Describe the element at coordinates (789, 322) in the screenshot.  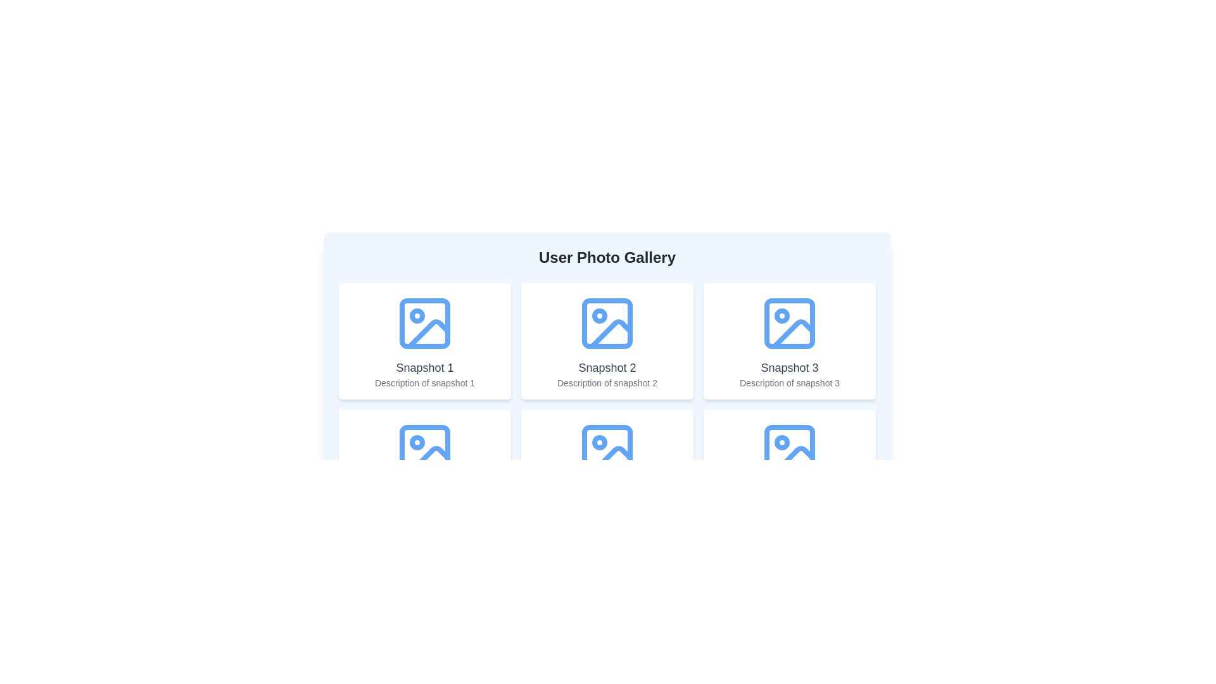
I see `the icon resembling an image or photo frame with a blue outline, located in the top-center area of the card labeled 'Snapshot 3'` at that location.